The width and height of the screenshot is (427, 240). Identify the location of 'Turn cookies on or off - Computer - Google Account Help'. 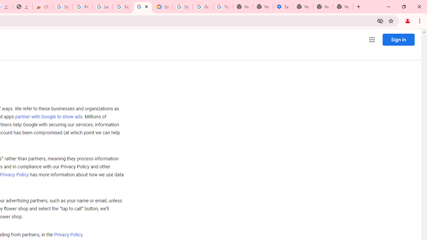
(223, 7).